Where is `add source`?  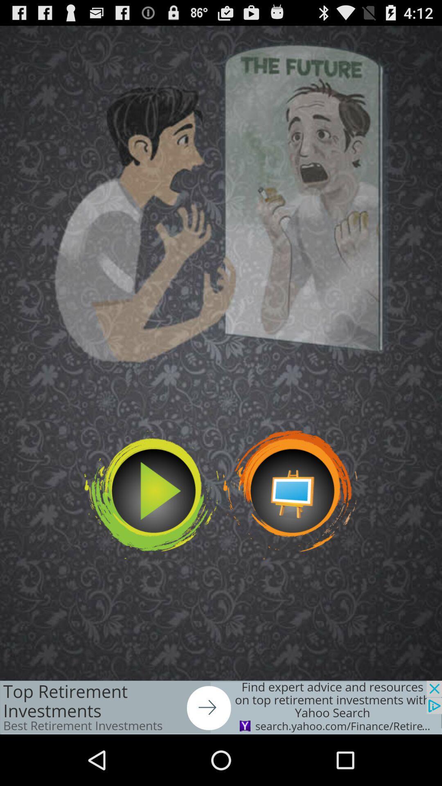 add source is located at coordinates (221, 707).